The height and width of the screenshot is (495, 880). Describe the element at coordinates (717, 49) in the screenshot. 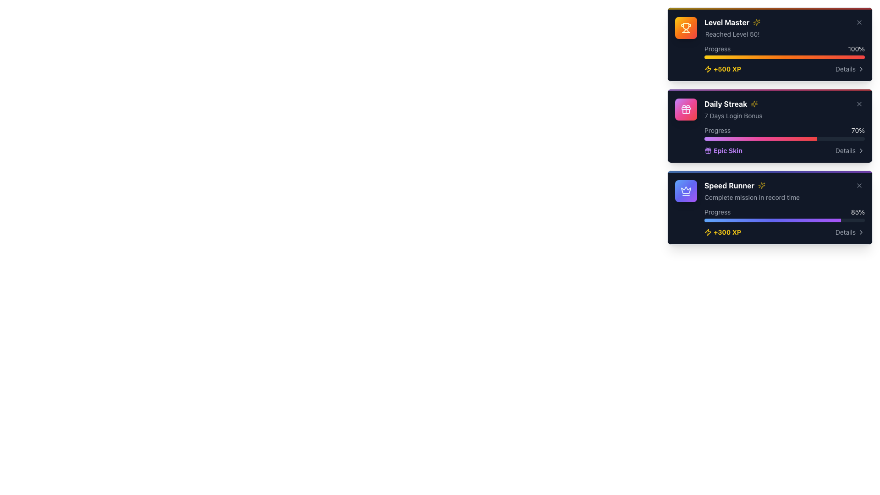

I see `'Progress' label, which is styled in gray and located prominently within a dark-themed card, adjacent to a progress bar and the percentage completion text '100%'` at that location.